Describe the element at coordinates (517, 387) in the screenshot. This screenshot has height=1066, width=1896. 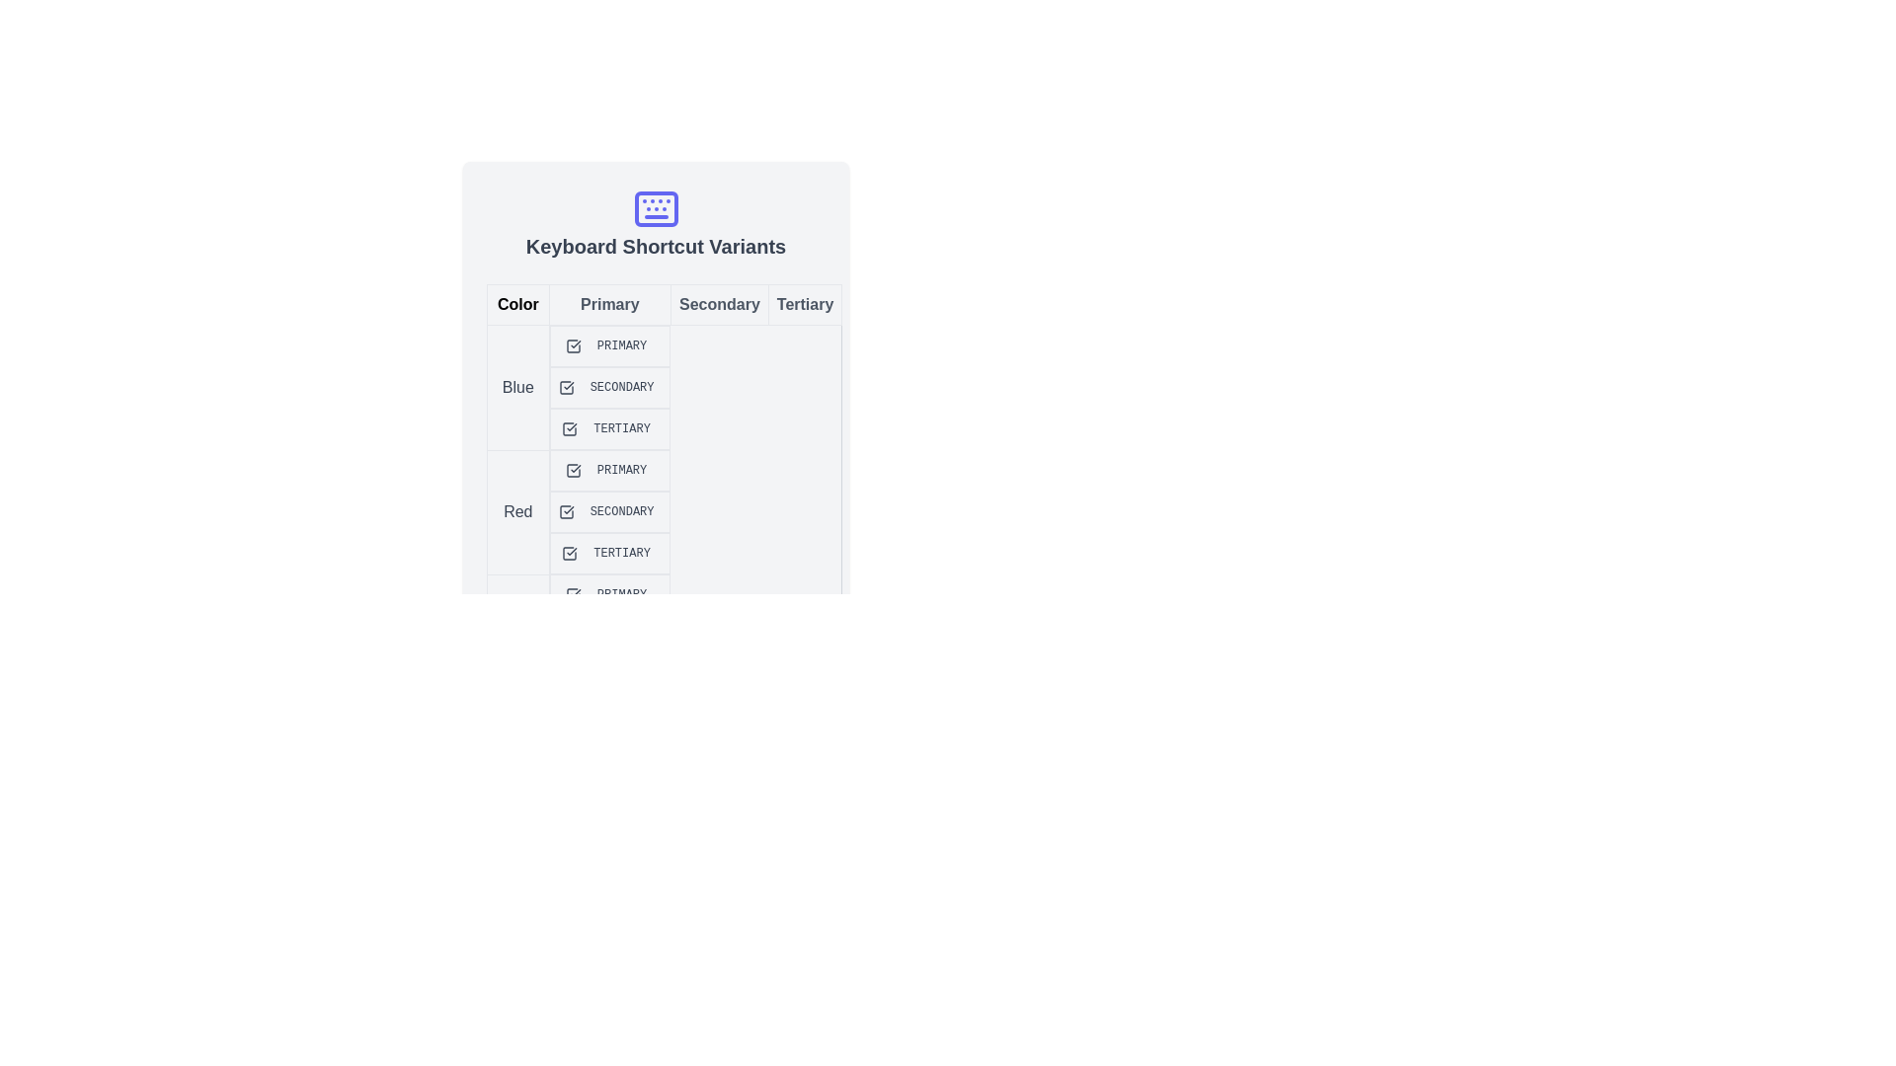
I see `the 'Blue' text label located` at that location.